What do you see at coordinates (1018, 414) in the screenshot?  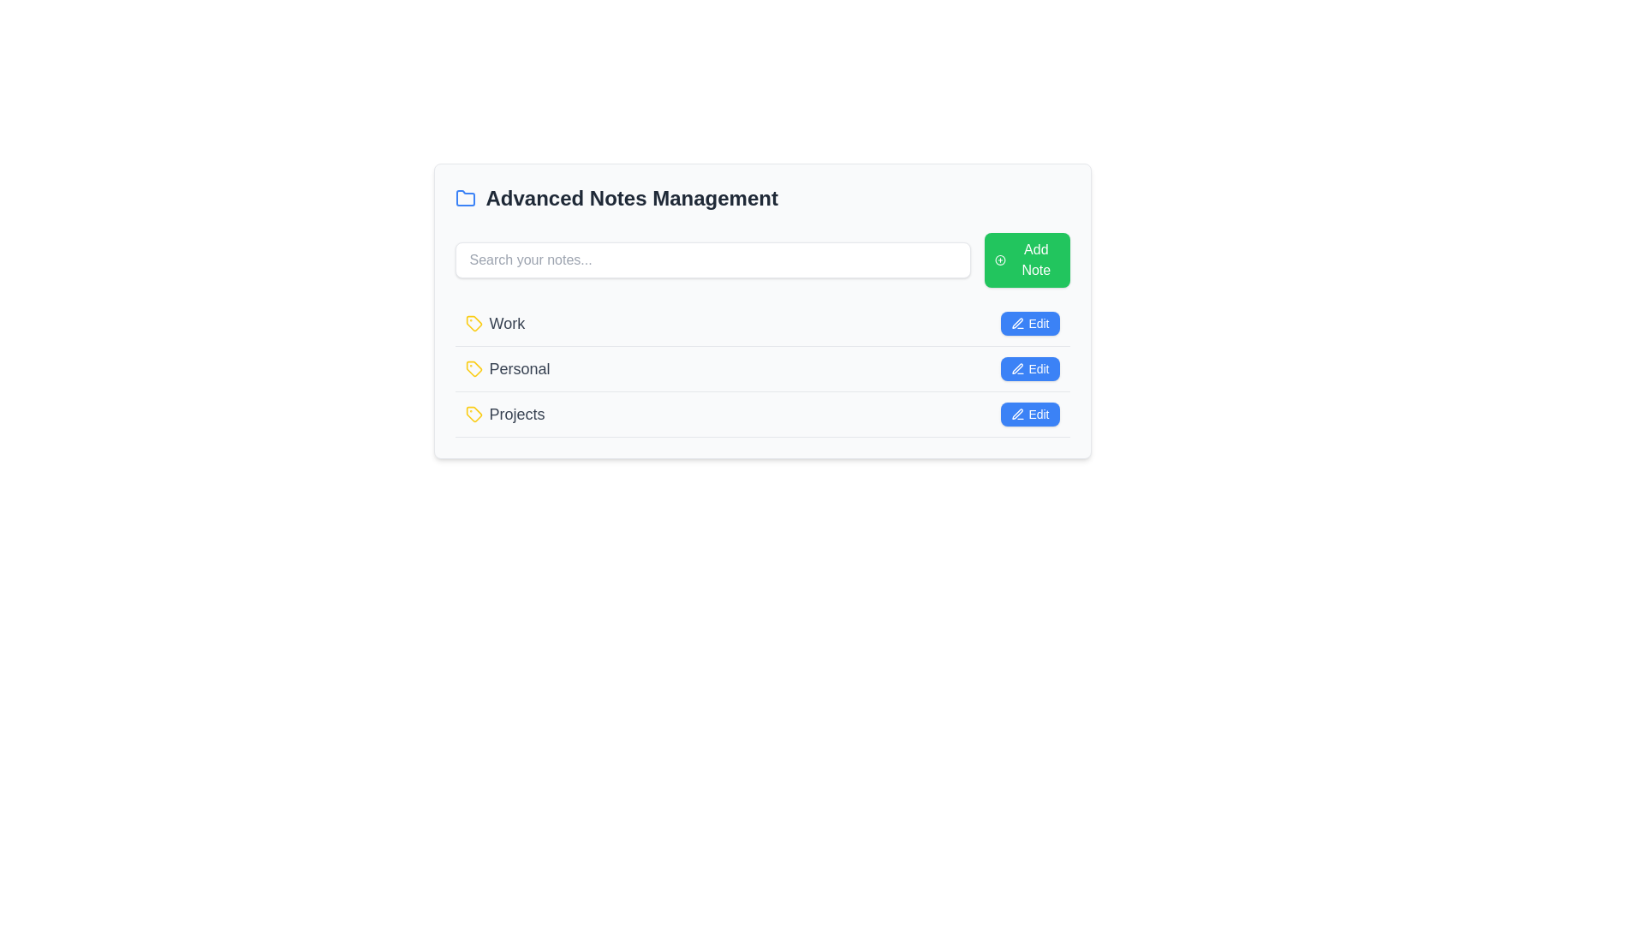 I see `the pen icon within the 'Edit' button in the 'Projects' section` at bounding box center [1018, 414].